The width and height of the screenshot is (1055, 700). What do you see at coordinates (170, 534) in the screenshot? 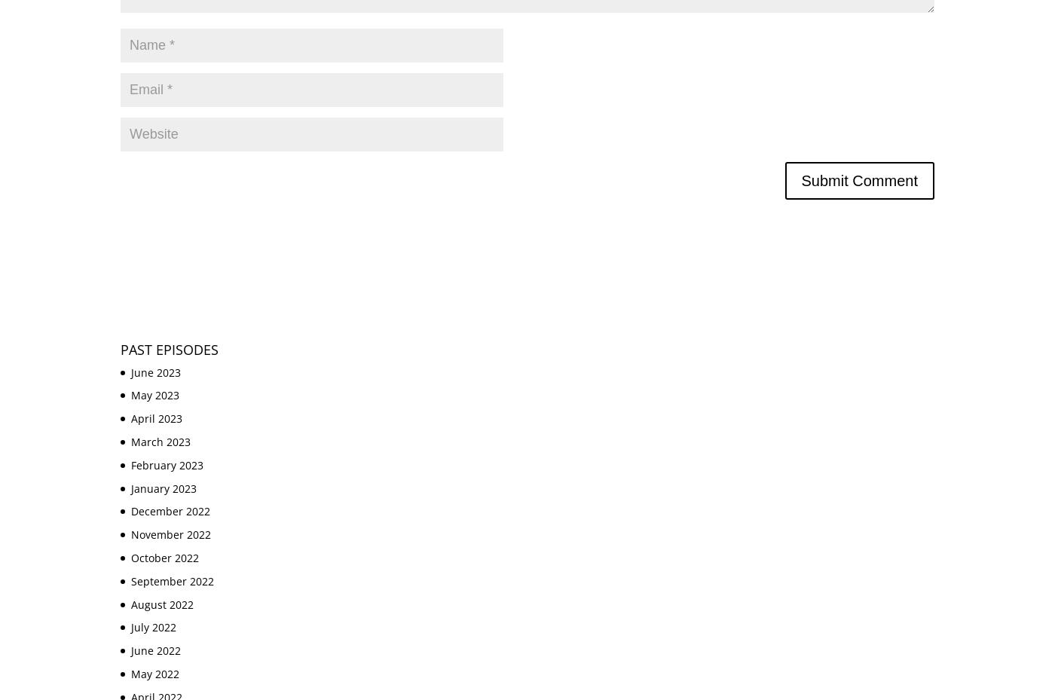
I see `'November 2022'` at bounding box center [170, 534].